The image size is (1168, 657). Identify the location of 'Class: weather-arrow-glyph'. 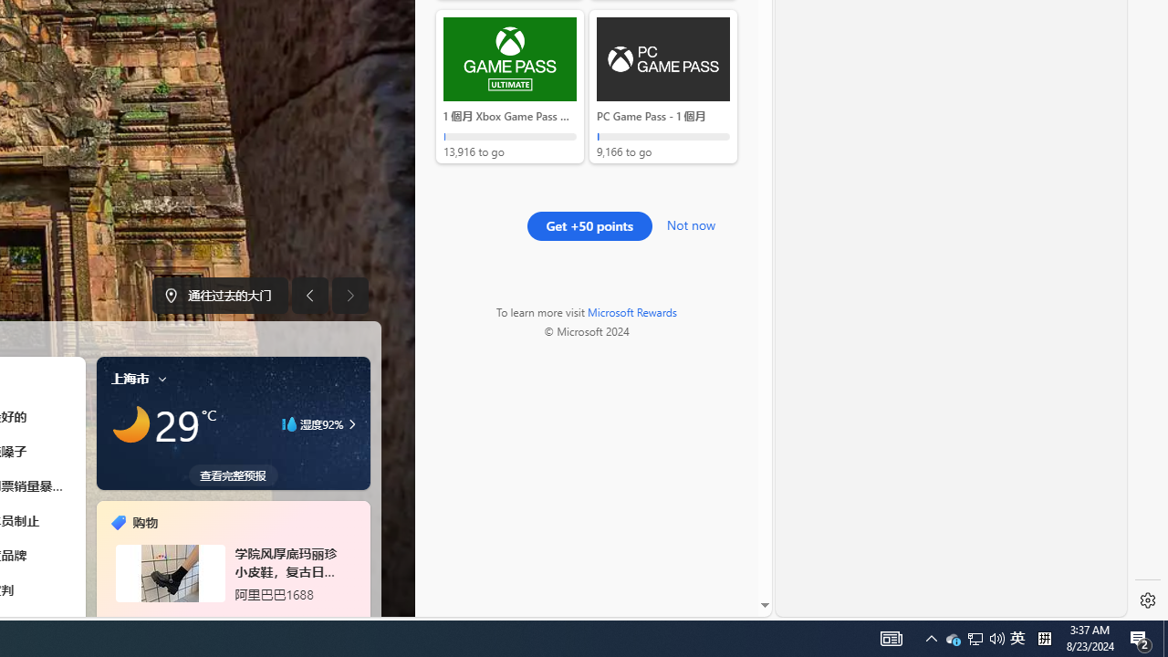
(351, 424).